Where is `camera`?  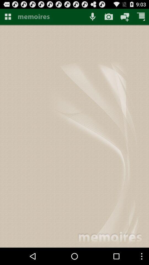 camera is located at coordinates (109, 16).